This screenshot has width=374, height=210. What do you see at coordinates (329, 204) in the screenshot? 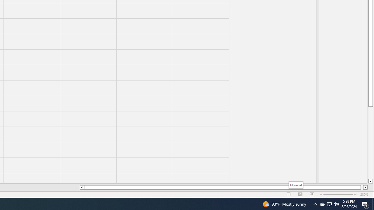
I see `'User Promoted Notification Area'` at bounding box center [329, 204].